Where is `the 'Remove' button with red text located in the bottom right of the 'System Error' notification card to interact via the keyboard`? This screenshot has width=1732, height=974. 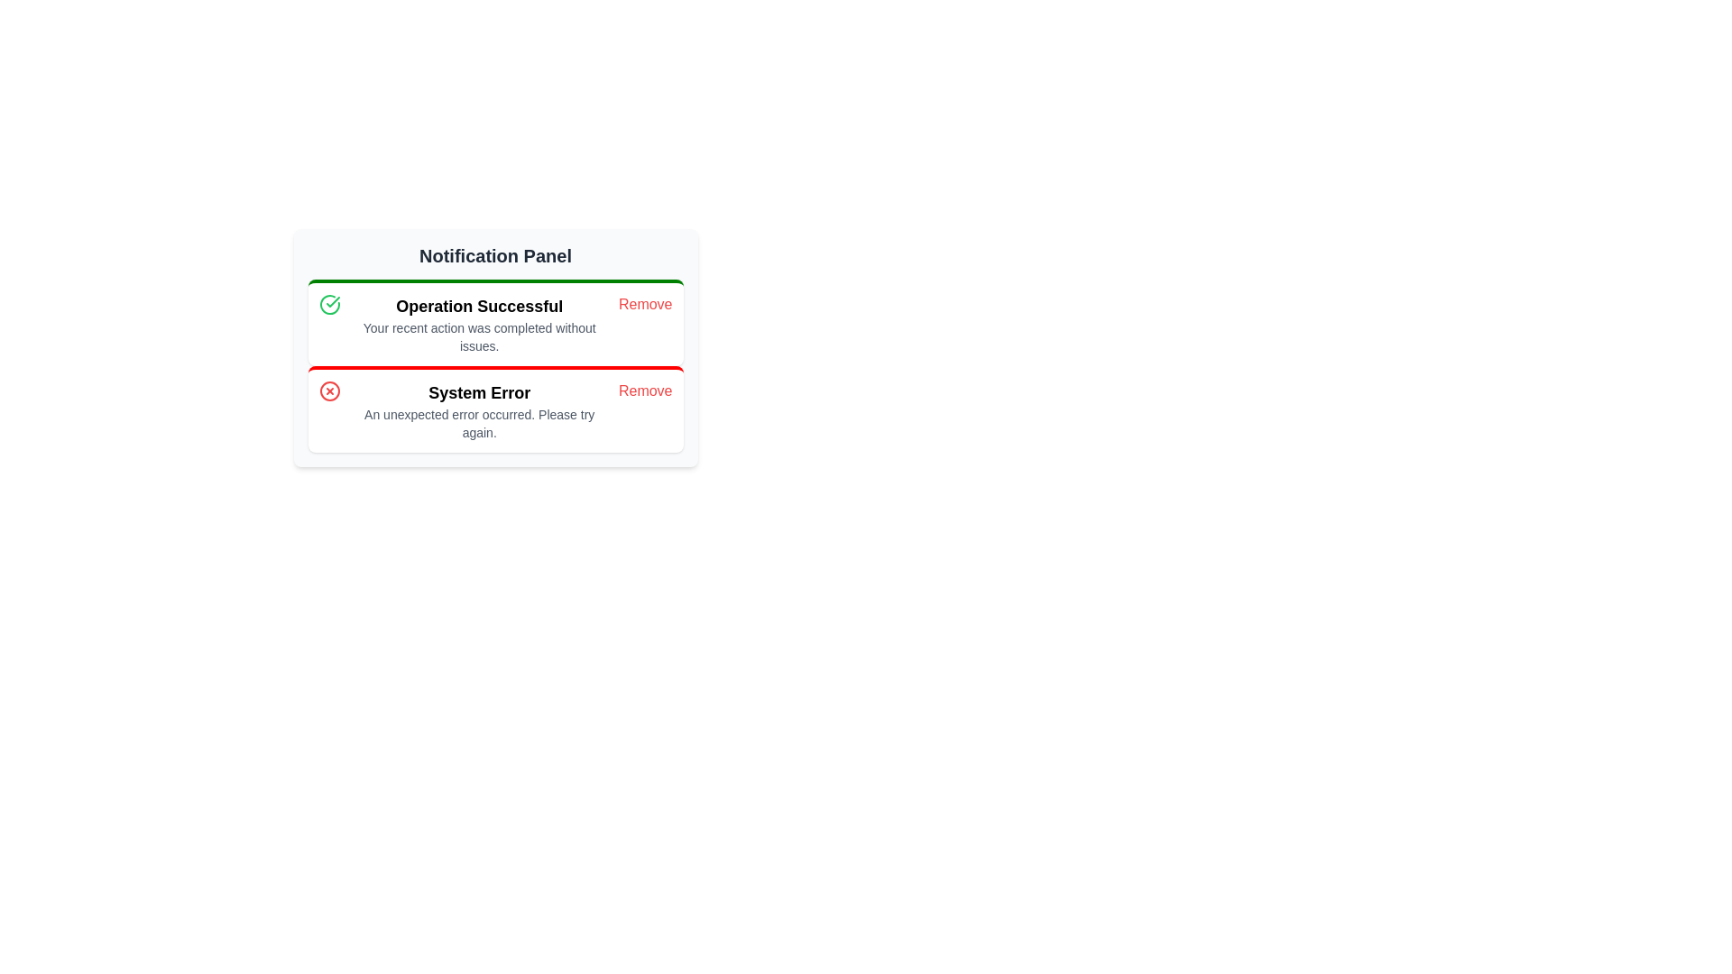
the 'Remove' button with red text located in the bottom right of the 'System Error' notification card to interact via the keyboard is located at coordinates (645, 391).